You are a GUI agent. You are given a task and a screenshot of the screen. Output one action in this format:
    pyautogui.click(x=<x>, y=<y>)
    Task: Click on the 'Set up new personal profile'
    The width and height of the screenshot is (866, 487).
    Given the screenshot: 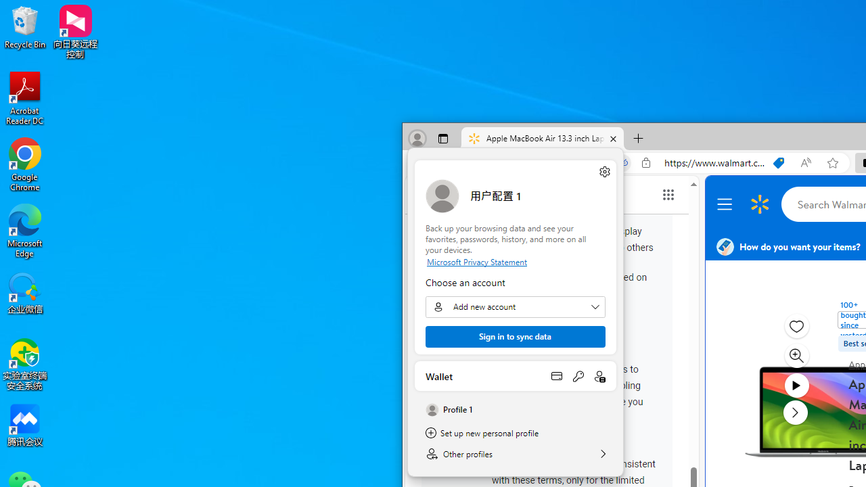 What is the action you would take?
    pyautogui.click(x=515, y=433)
    